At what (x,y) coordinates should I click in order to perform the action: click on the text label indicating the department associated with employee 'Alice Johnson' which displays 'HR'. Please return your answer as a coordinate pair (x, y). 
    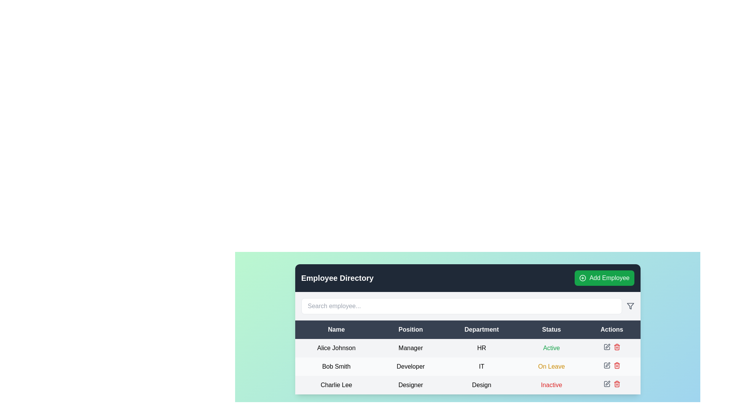
    Looking at the image, I should click on (481, 348).